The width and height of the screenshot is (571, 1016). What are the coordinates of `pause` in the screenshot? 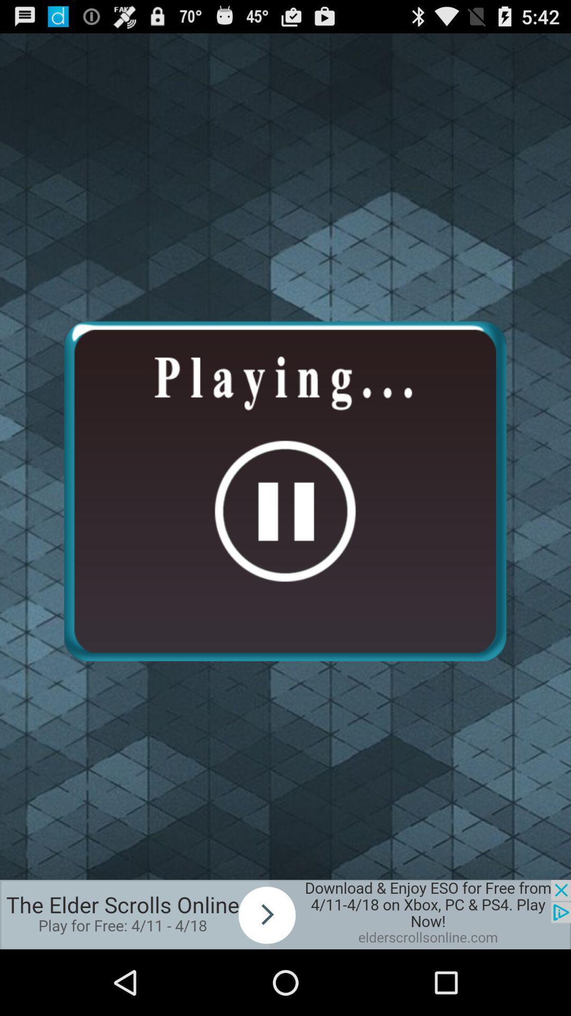 It's located at (284, 491).